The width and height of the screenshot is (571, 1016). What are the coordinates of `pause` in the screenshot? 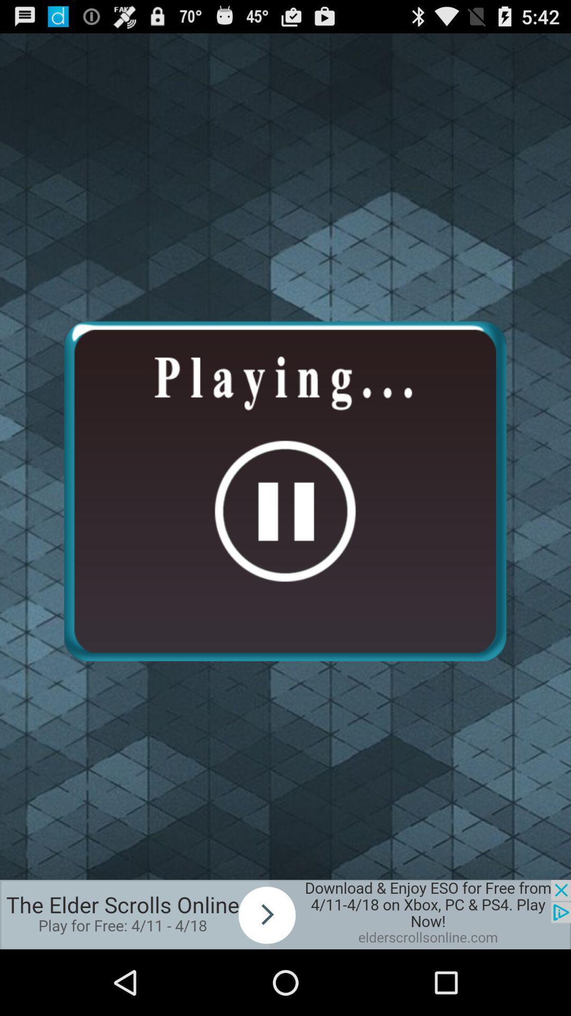 It's located at (284, 491).